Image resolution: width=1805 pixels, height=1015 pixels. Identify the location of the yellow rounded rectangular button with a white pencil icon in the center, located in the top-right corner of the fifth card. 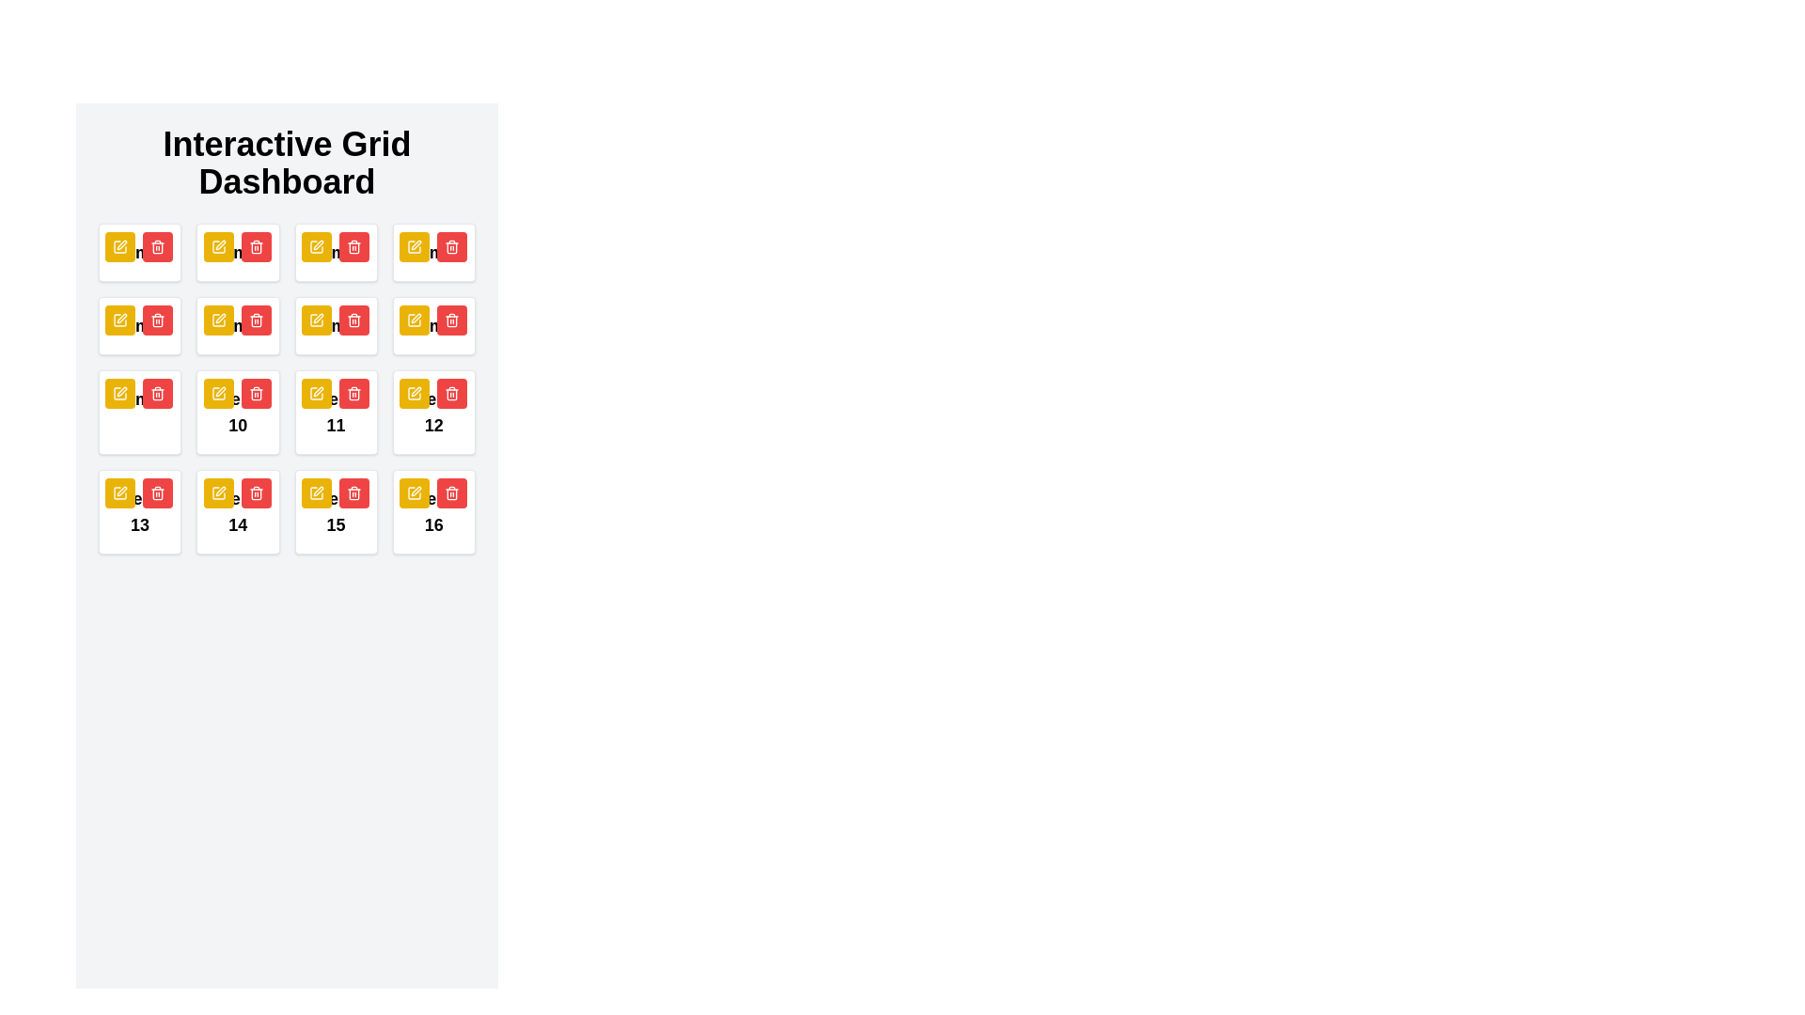
(414, 319).